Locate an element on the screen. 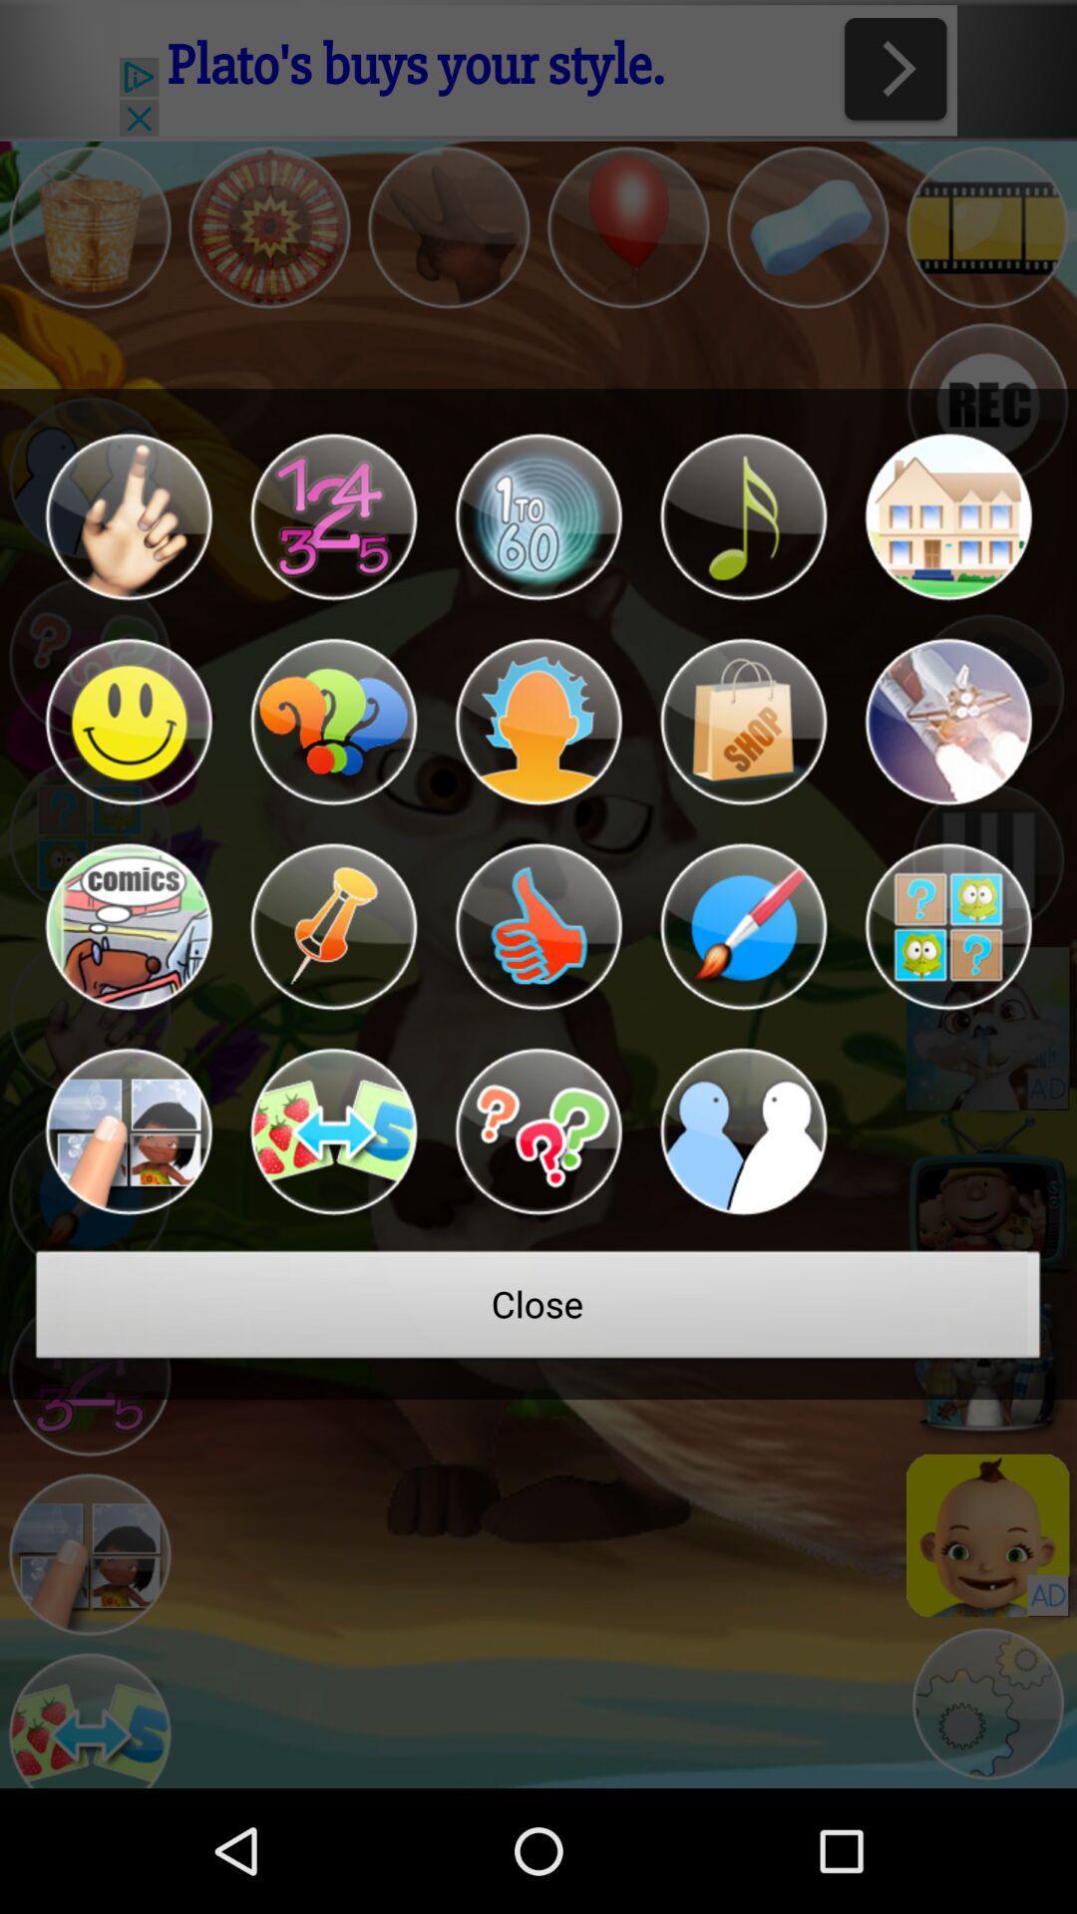 Image resolution: width=1077 pixels, height=1914 pixels. tac is located at coordinates (332, 926).